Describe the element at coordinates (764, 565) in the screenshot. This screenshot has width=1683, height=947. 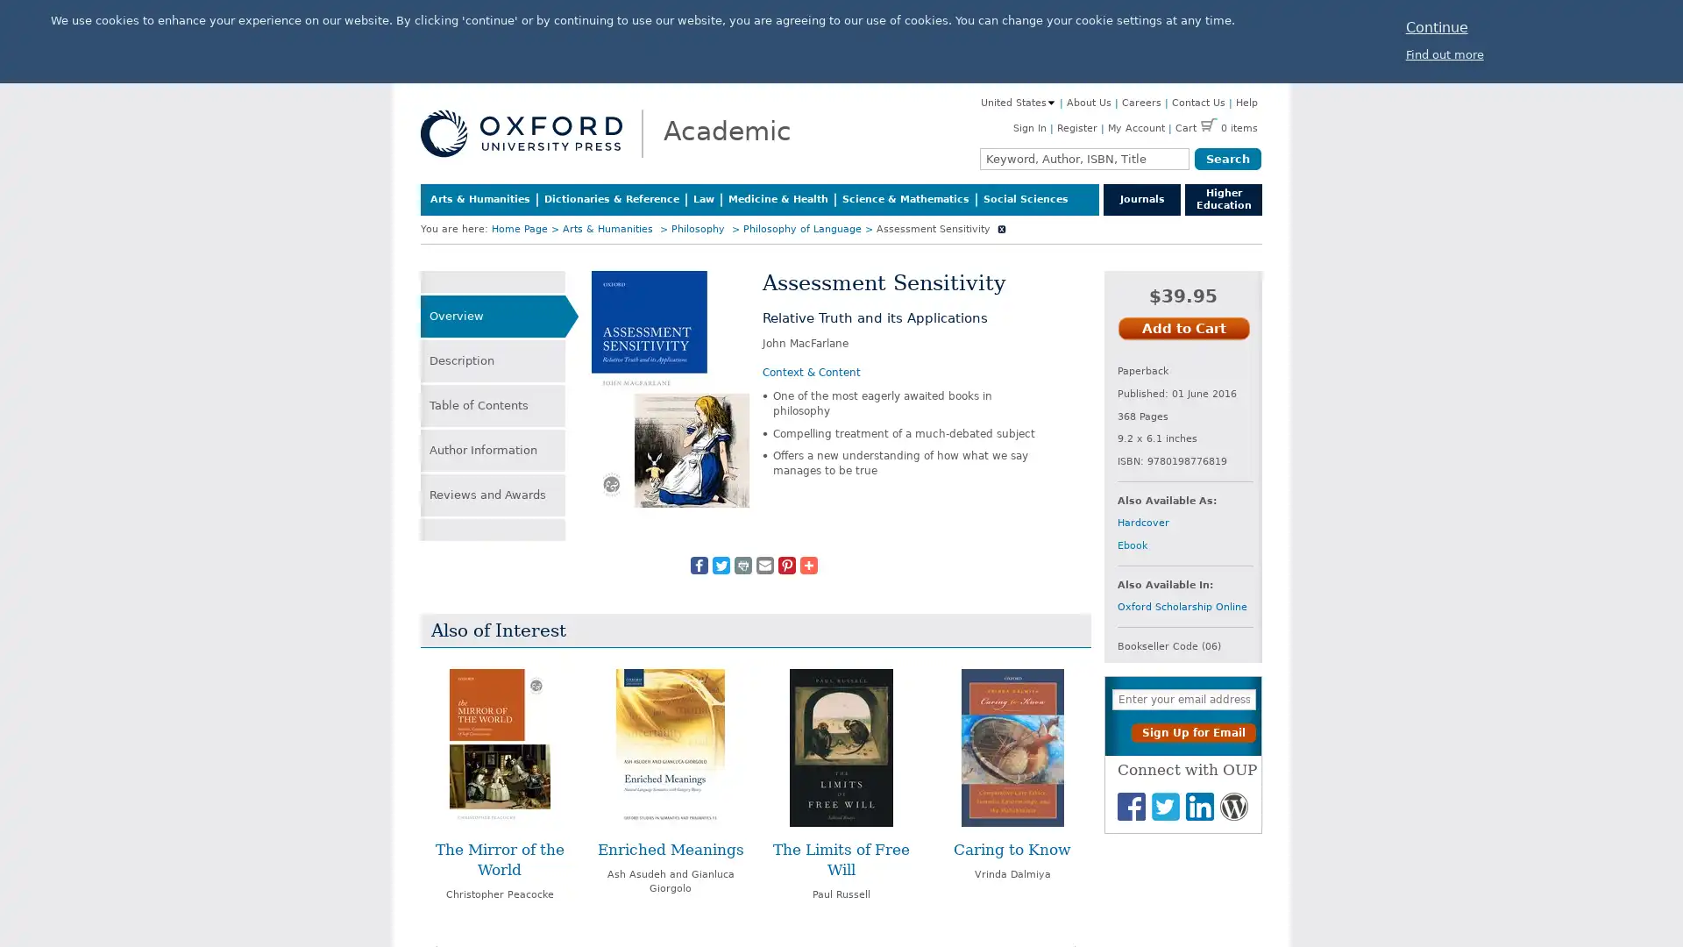
I see `Share to Email` at that location.